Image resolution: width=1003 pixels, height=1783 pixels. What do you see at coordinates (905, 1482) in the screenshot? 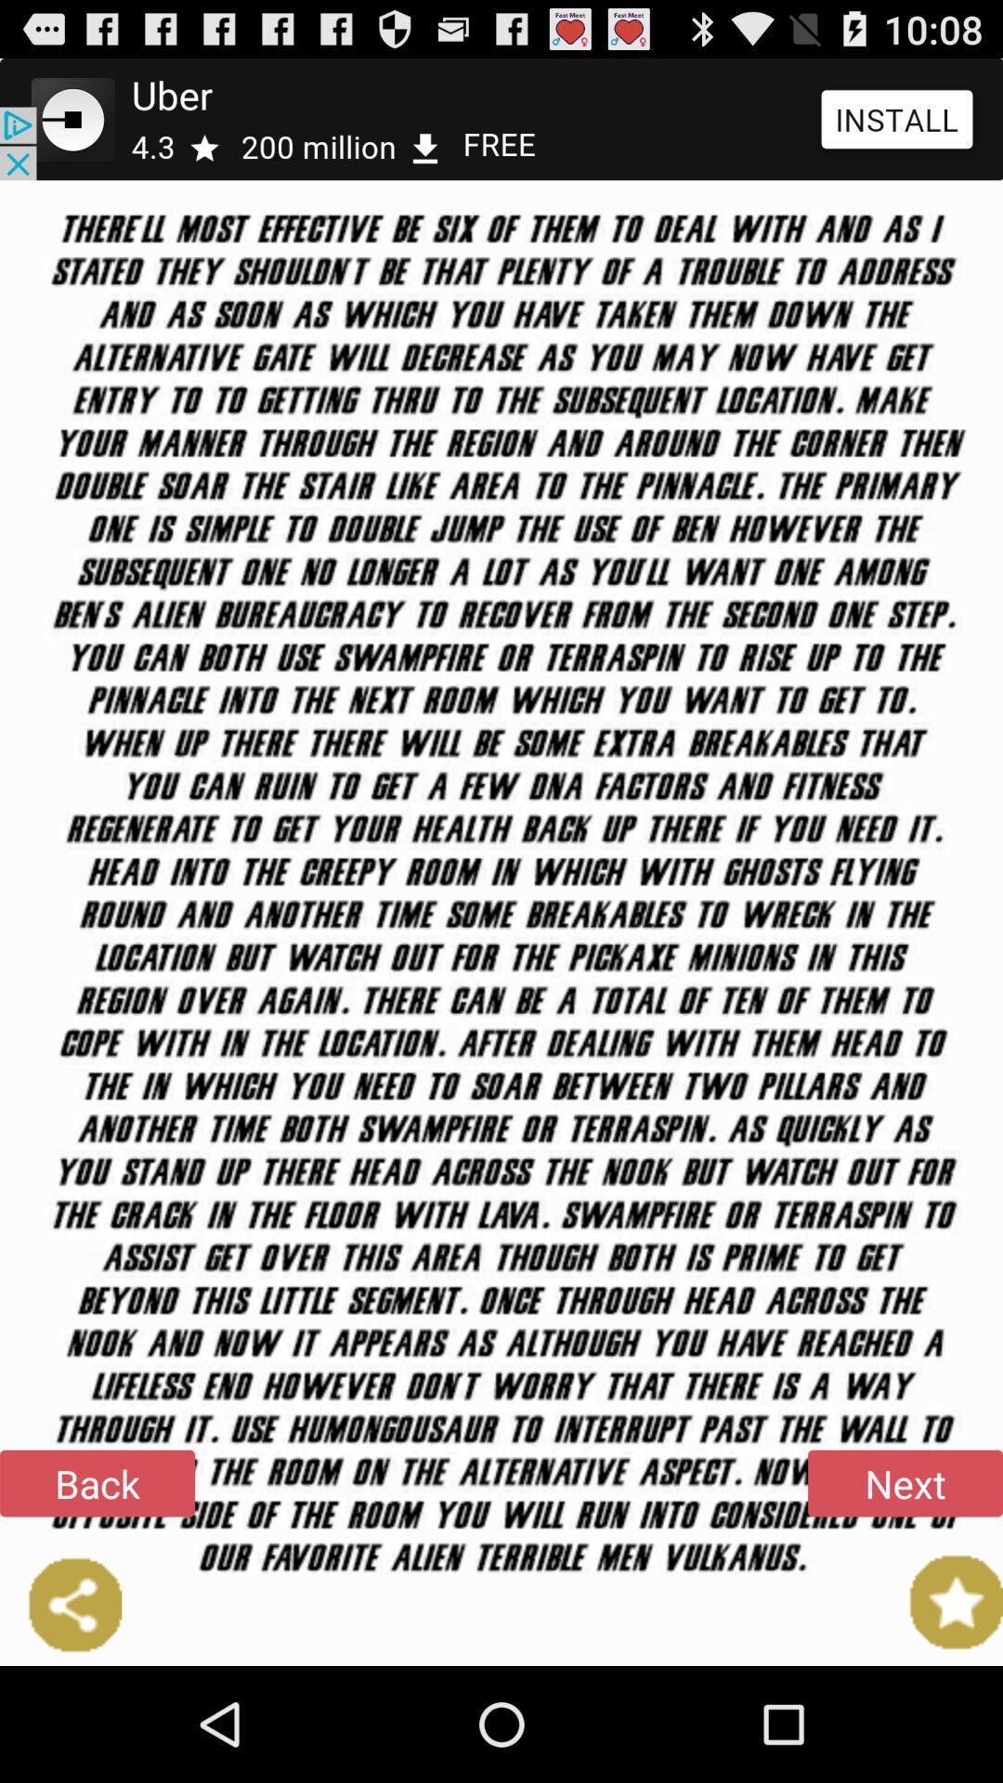
I see `the next item` at bounding box center [905, 1482].